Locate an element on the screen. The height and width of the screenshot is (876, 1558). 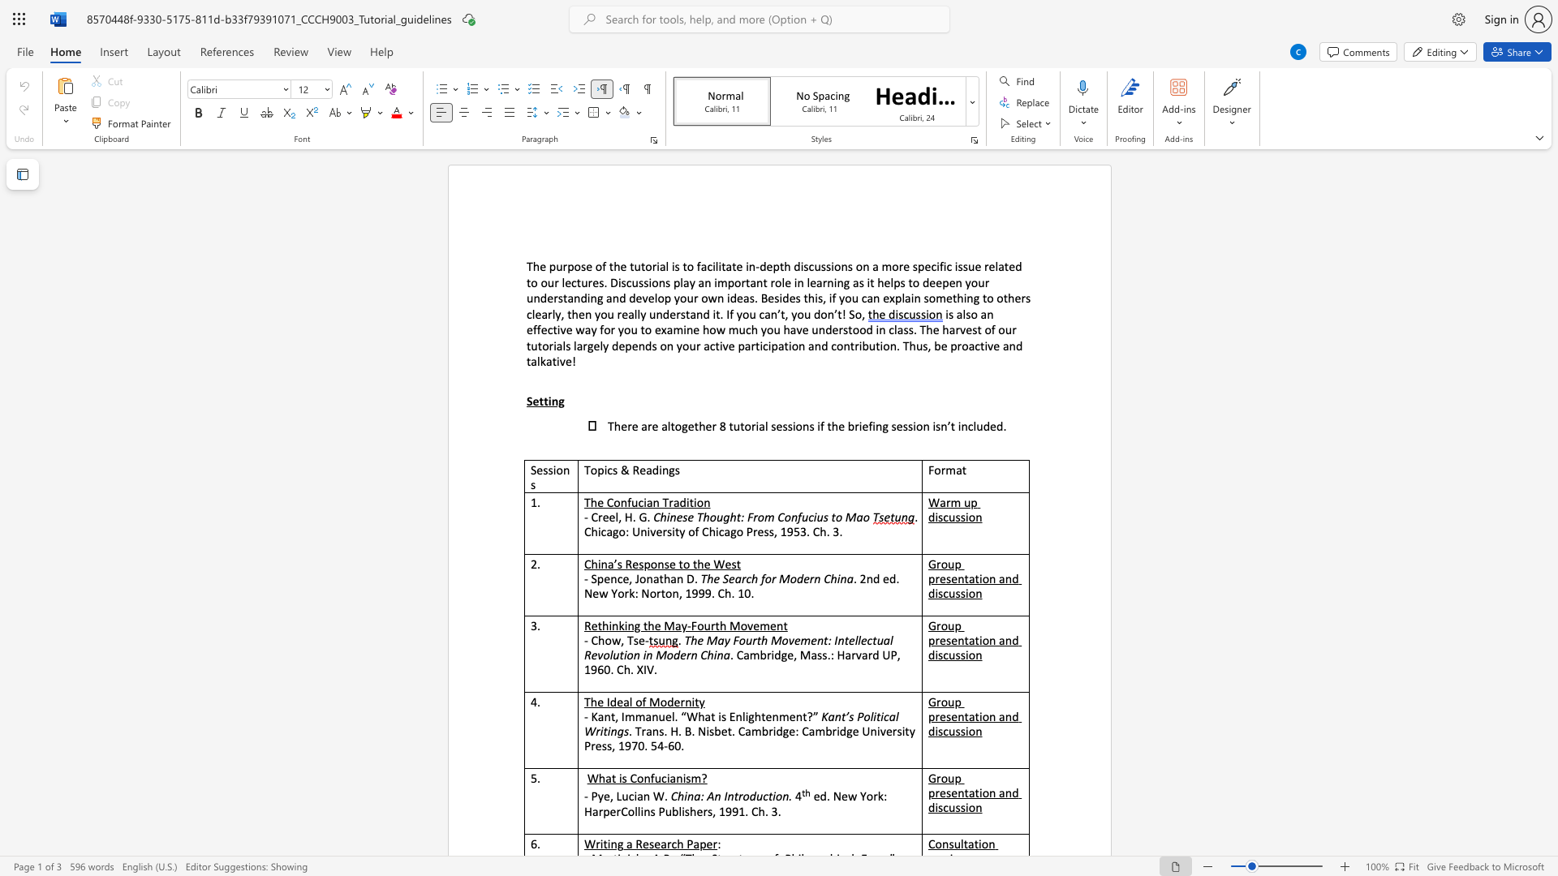
the subset text "sio" within the text "Warm up discussion" is located at coordinates (960, 517).